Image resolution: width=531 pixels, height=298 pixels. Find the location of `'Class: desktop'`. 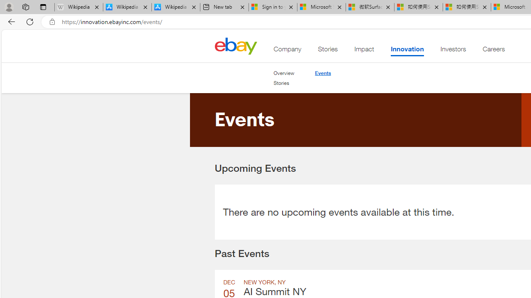

'Class: desktop' is located at coordinates (235, 46).